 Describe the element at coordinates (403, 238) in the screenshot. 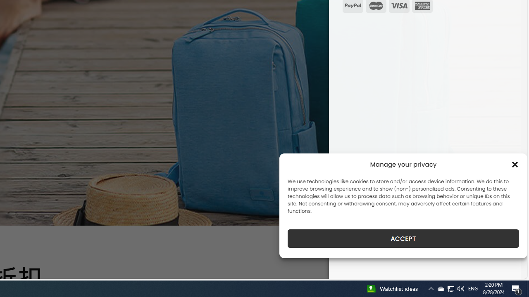

I see `'ACCEPT'` at that location.